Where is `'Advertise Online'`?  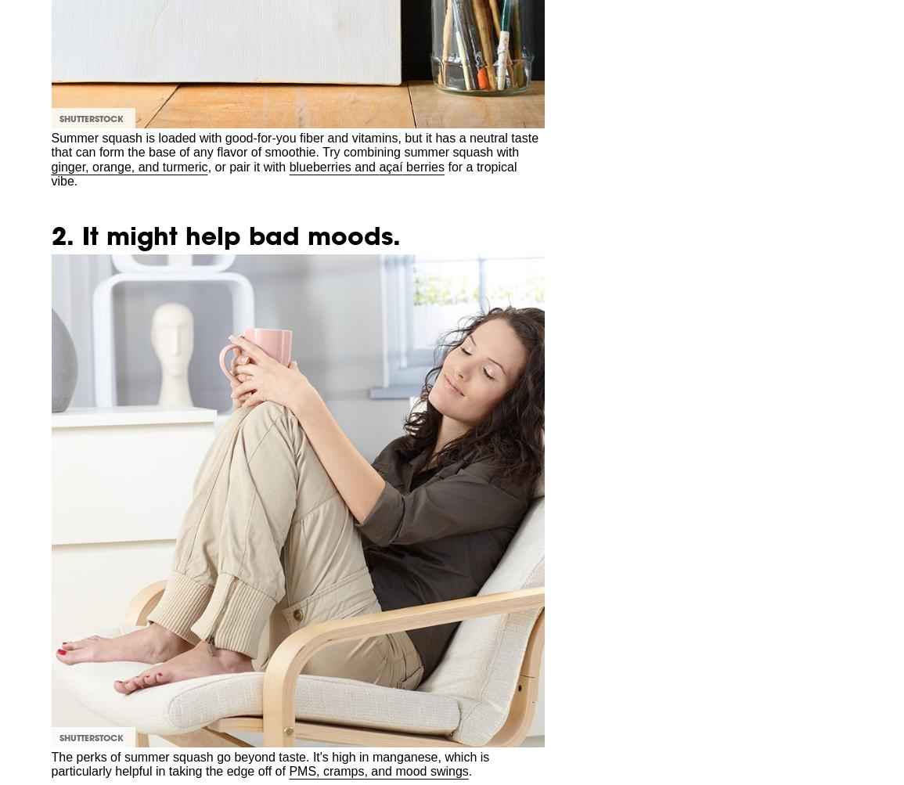 'Advertise Online' is located at coordinates (701, 39).